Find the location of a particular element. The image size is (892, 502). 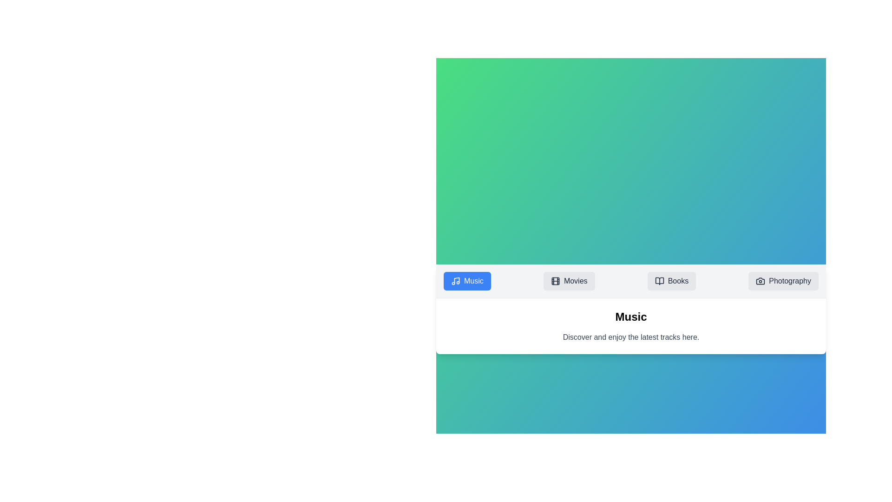

the 'Movies' button, which is a rounded rectangle with a light gray background and a film icon on the left is located at coordinates (569, 280).